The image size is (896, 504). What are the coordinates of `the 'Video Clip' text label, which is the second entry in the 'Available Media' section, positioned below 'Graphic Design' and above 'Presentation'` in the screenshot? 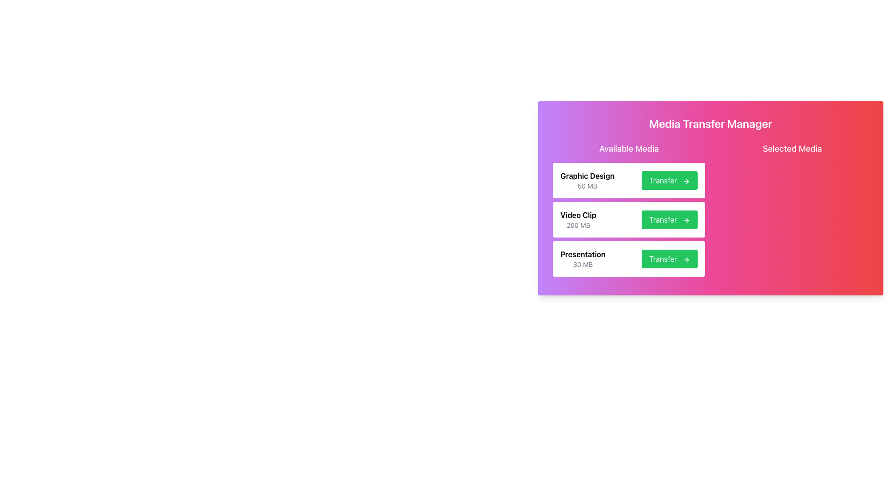 It's located at (578, 219).